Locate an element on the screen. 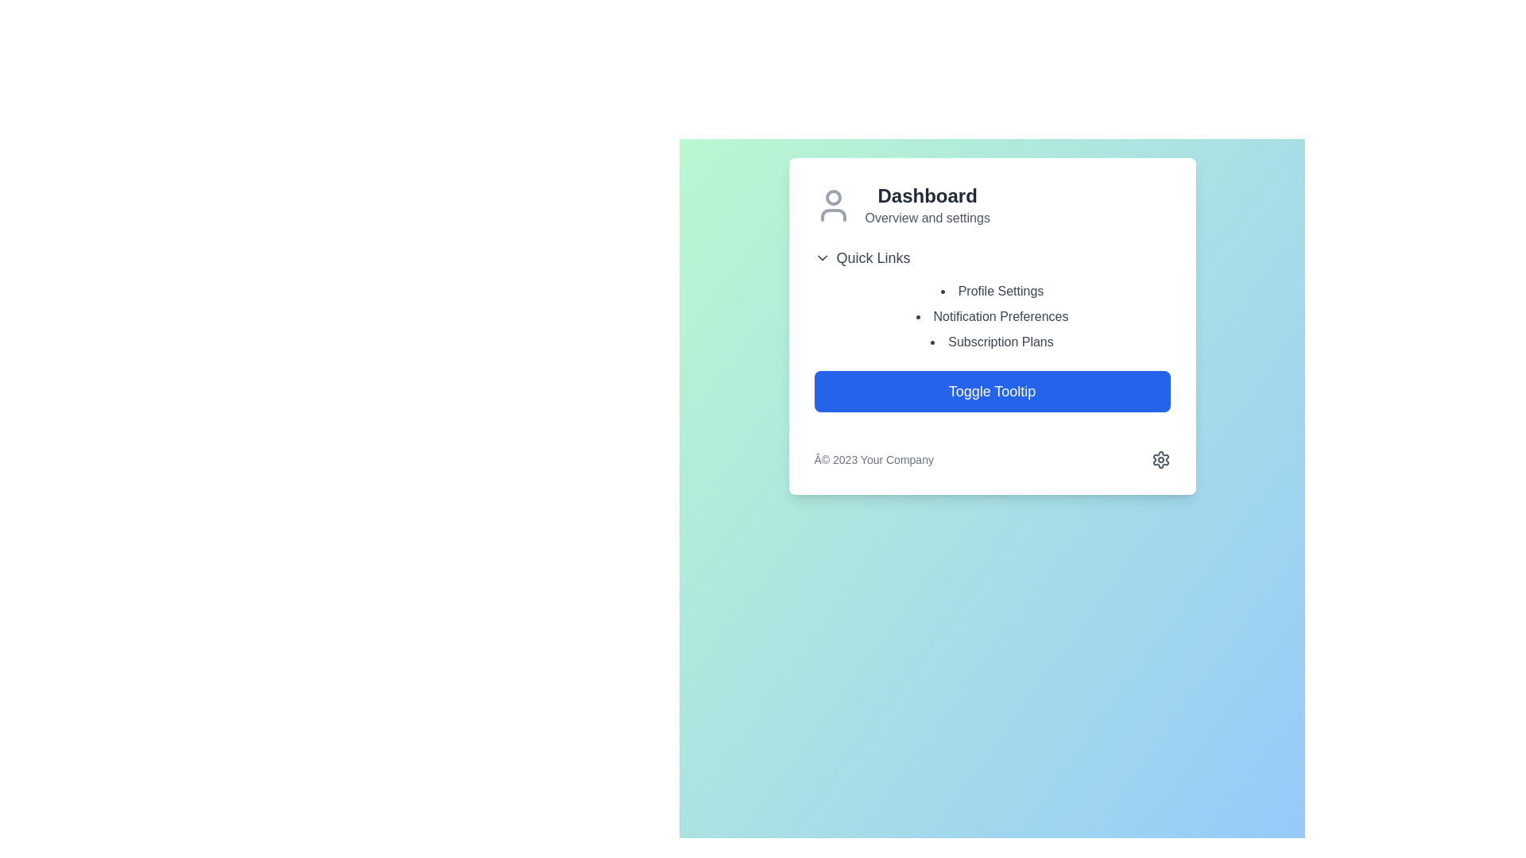 This screenshot has width=1526, height=858. the copyright notice text label located at the bottom-left corner of the footer, aligned to the left of the settings icon is located at coordinates (873, 459).